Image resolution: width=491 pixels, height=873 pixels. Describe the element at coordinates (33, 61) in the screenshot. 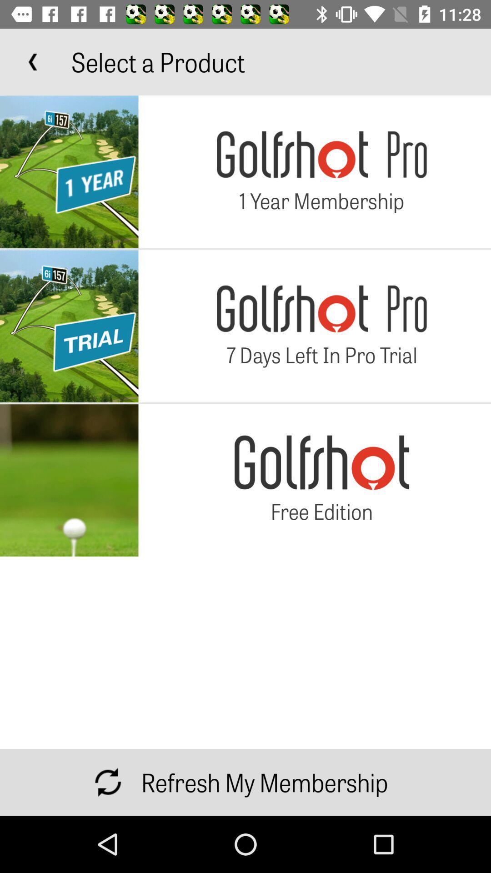

I see `icon next to select a product icon` at that location.